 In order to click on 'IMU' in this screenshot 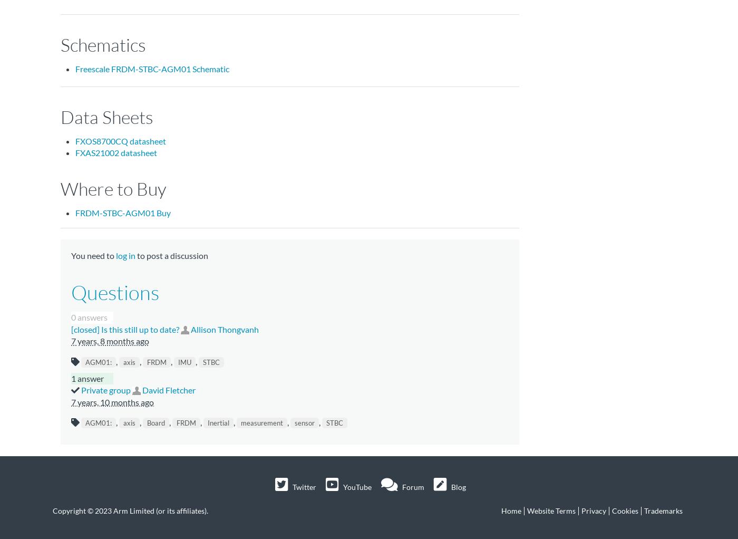, I will do `click(184, 361)`.